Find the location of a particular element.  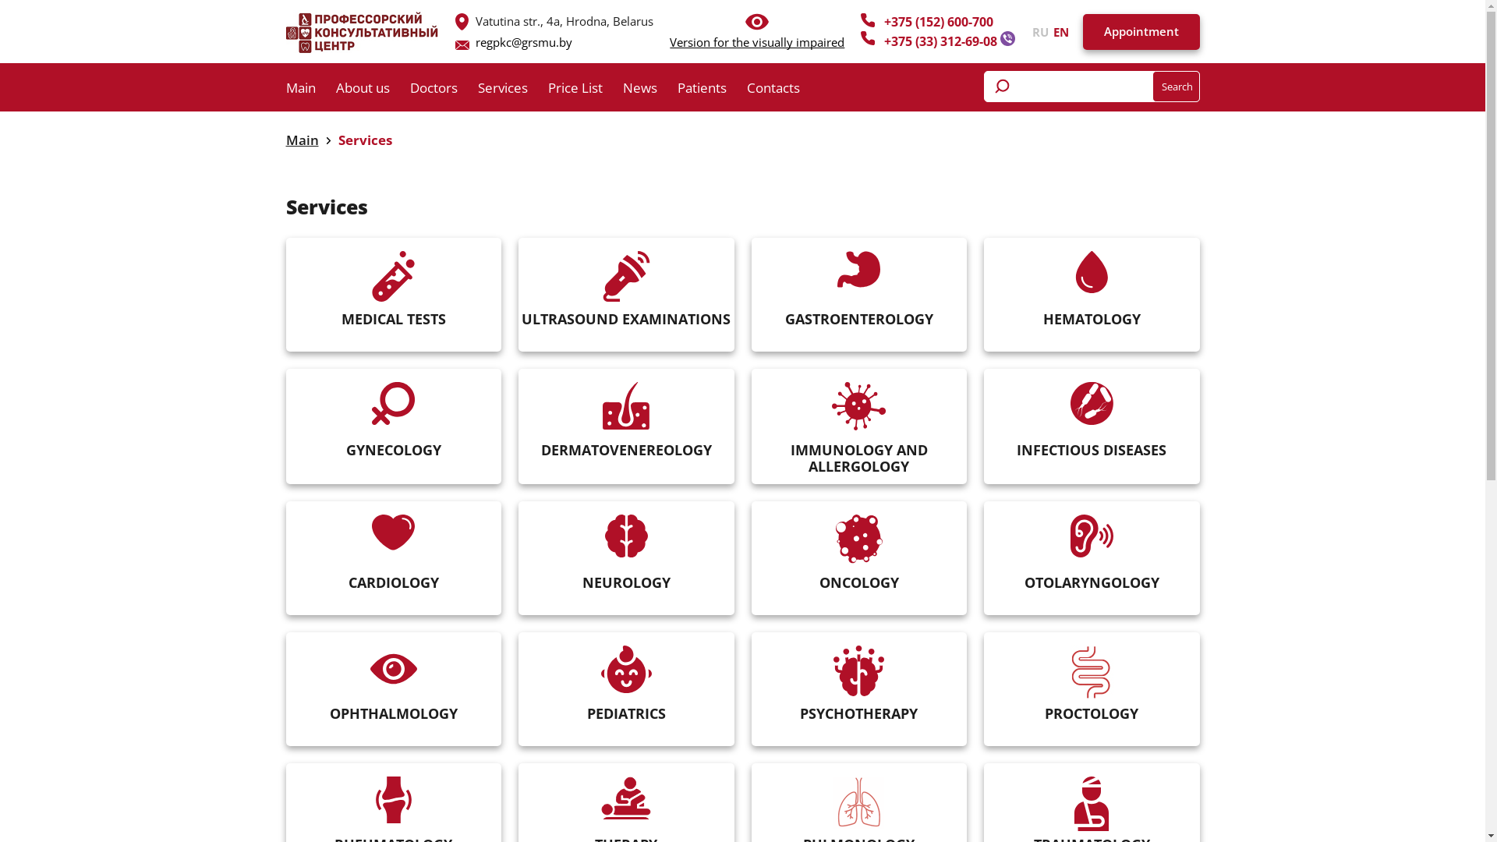

'HEMATOLOGY' is located at coordinates (983, 295).